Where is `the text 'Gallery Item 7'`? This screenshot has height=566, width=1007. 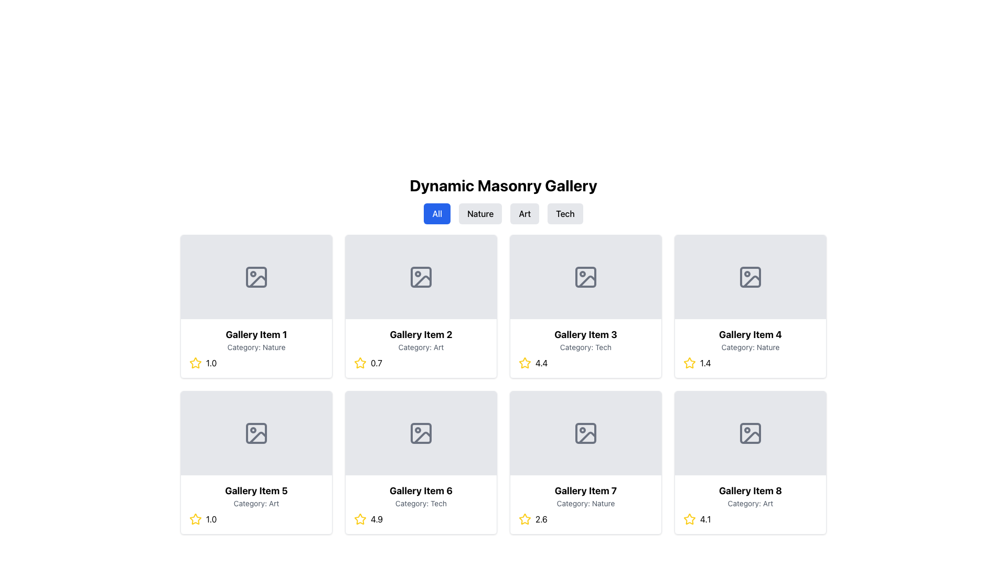
the text 'Gallery Item 7' is located at coordinates (585, 491).